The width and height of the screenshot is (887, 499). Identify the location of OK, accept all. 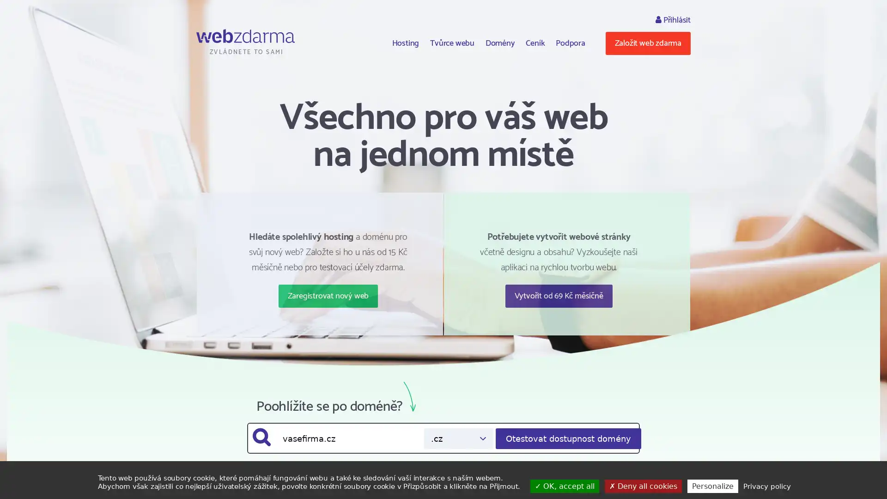
(564, 486).